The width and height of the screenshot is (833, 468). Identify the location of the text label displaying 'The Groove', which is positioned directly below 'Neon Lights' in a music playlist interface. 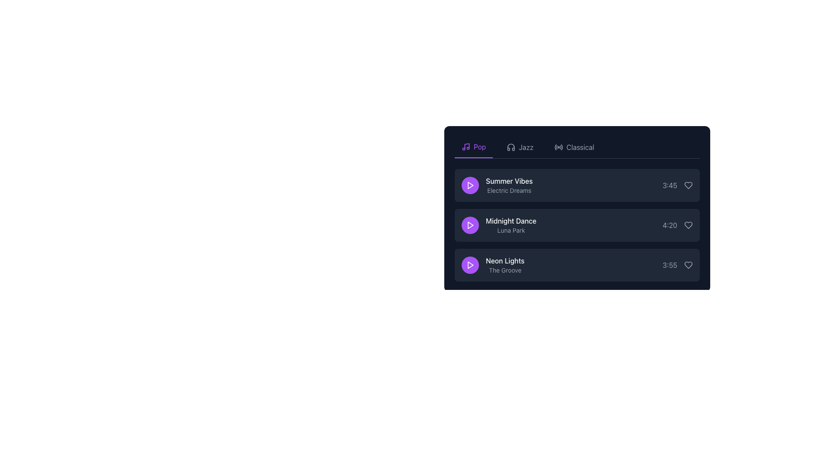
(505, 270).